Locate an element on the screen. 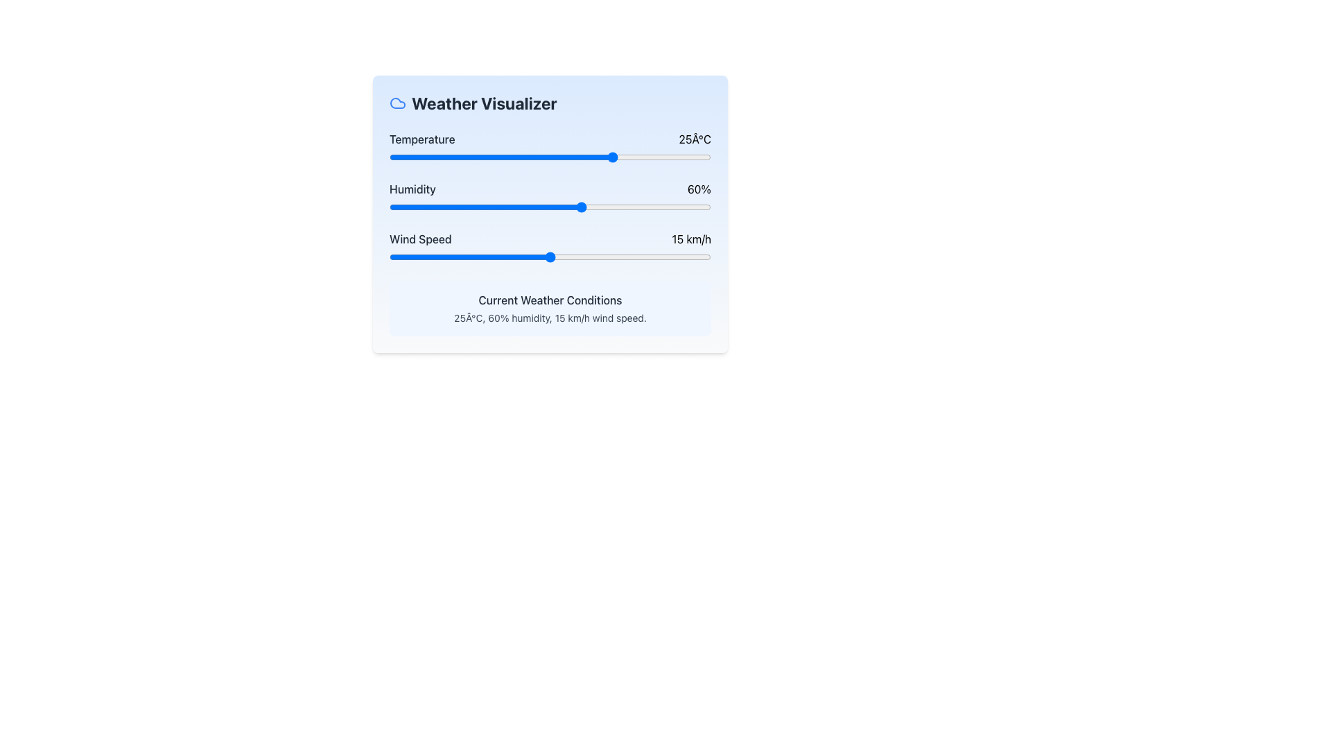 This screenshot has width=1331, height=749. the text label displaying '15 km/h' in bold, black font, which is located to the right of the 'Wind Speed' label within the weather interface is located at coordinates (691, 238).